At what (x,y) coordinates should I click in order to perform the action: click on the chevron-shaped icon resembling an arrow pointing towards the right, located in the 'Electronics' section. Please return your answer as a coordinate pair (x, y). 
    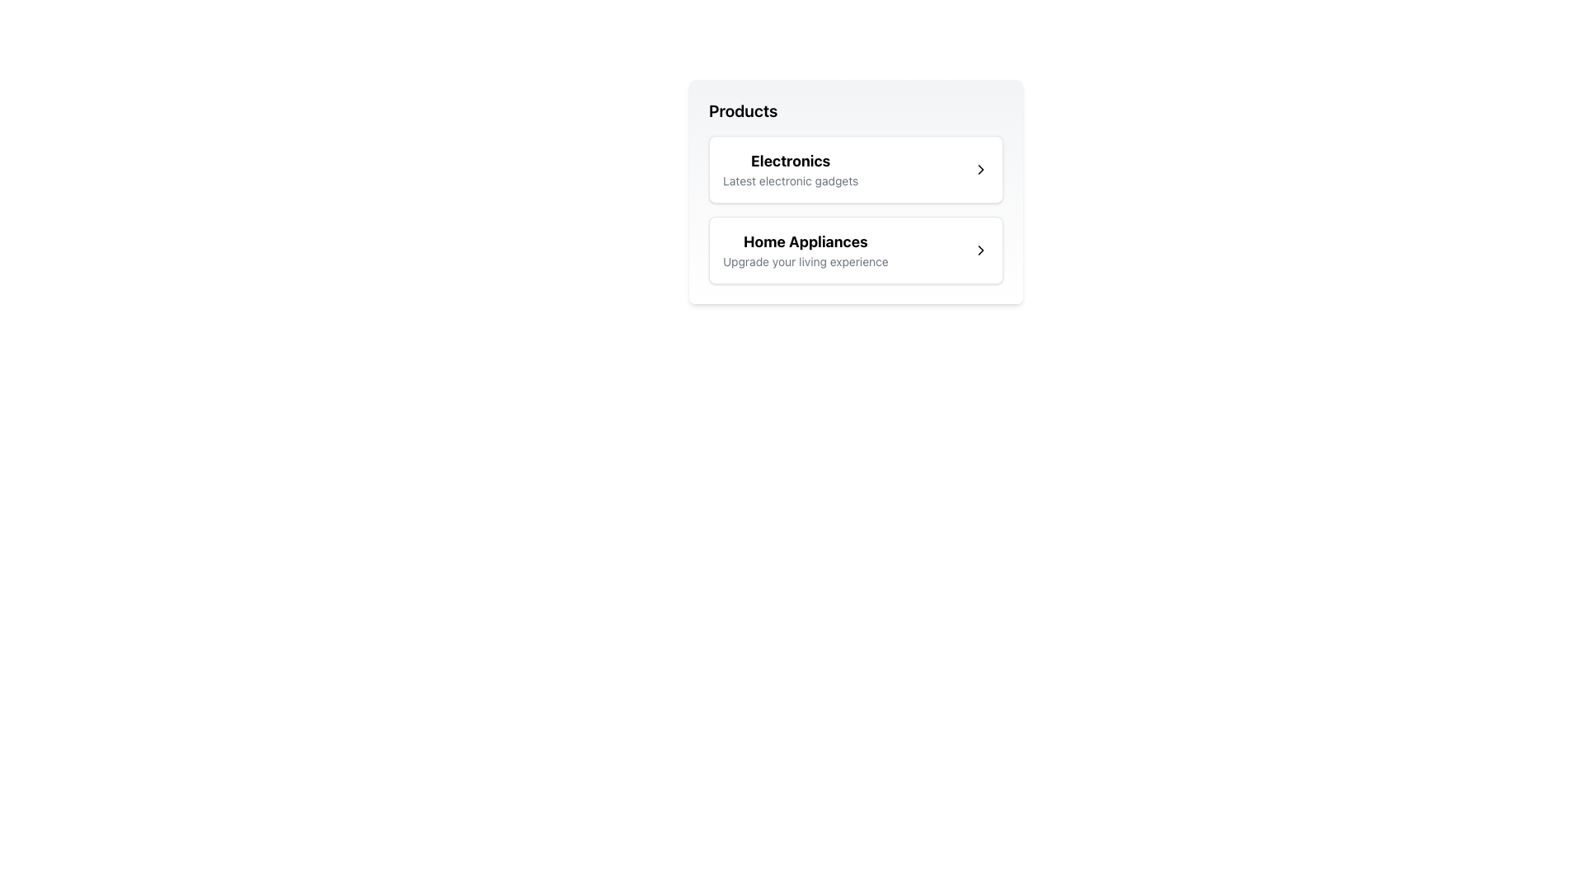
    Looking at the image, I should click on (981, 169).